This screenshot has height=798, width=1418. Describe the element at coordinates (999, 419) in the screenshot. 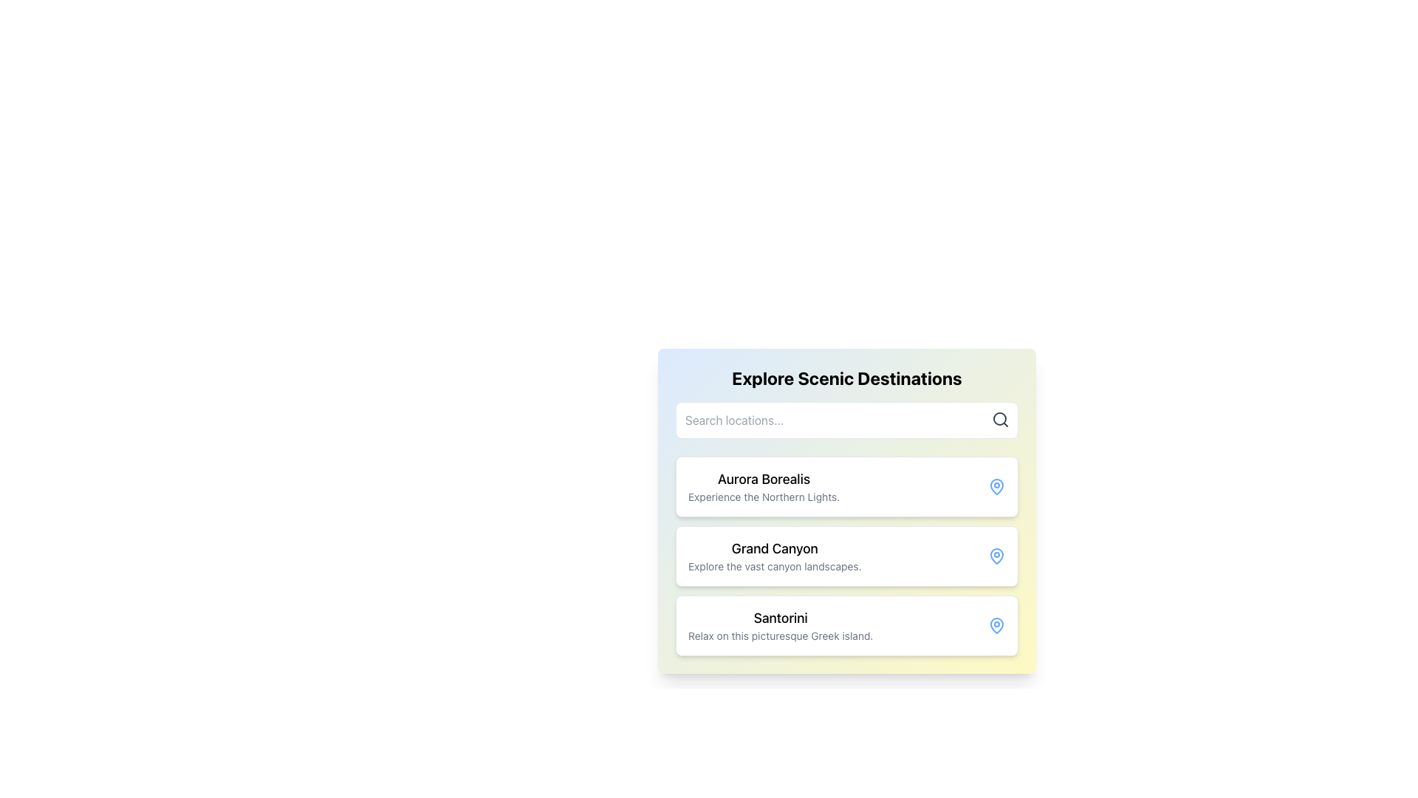

I see `the circular magnifying glass icon located near the top-right corner of the search input box in the 'Explore Scenic Destinations' interface` at that location.